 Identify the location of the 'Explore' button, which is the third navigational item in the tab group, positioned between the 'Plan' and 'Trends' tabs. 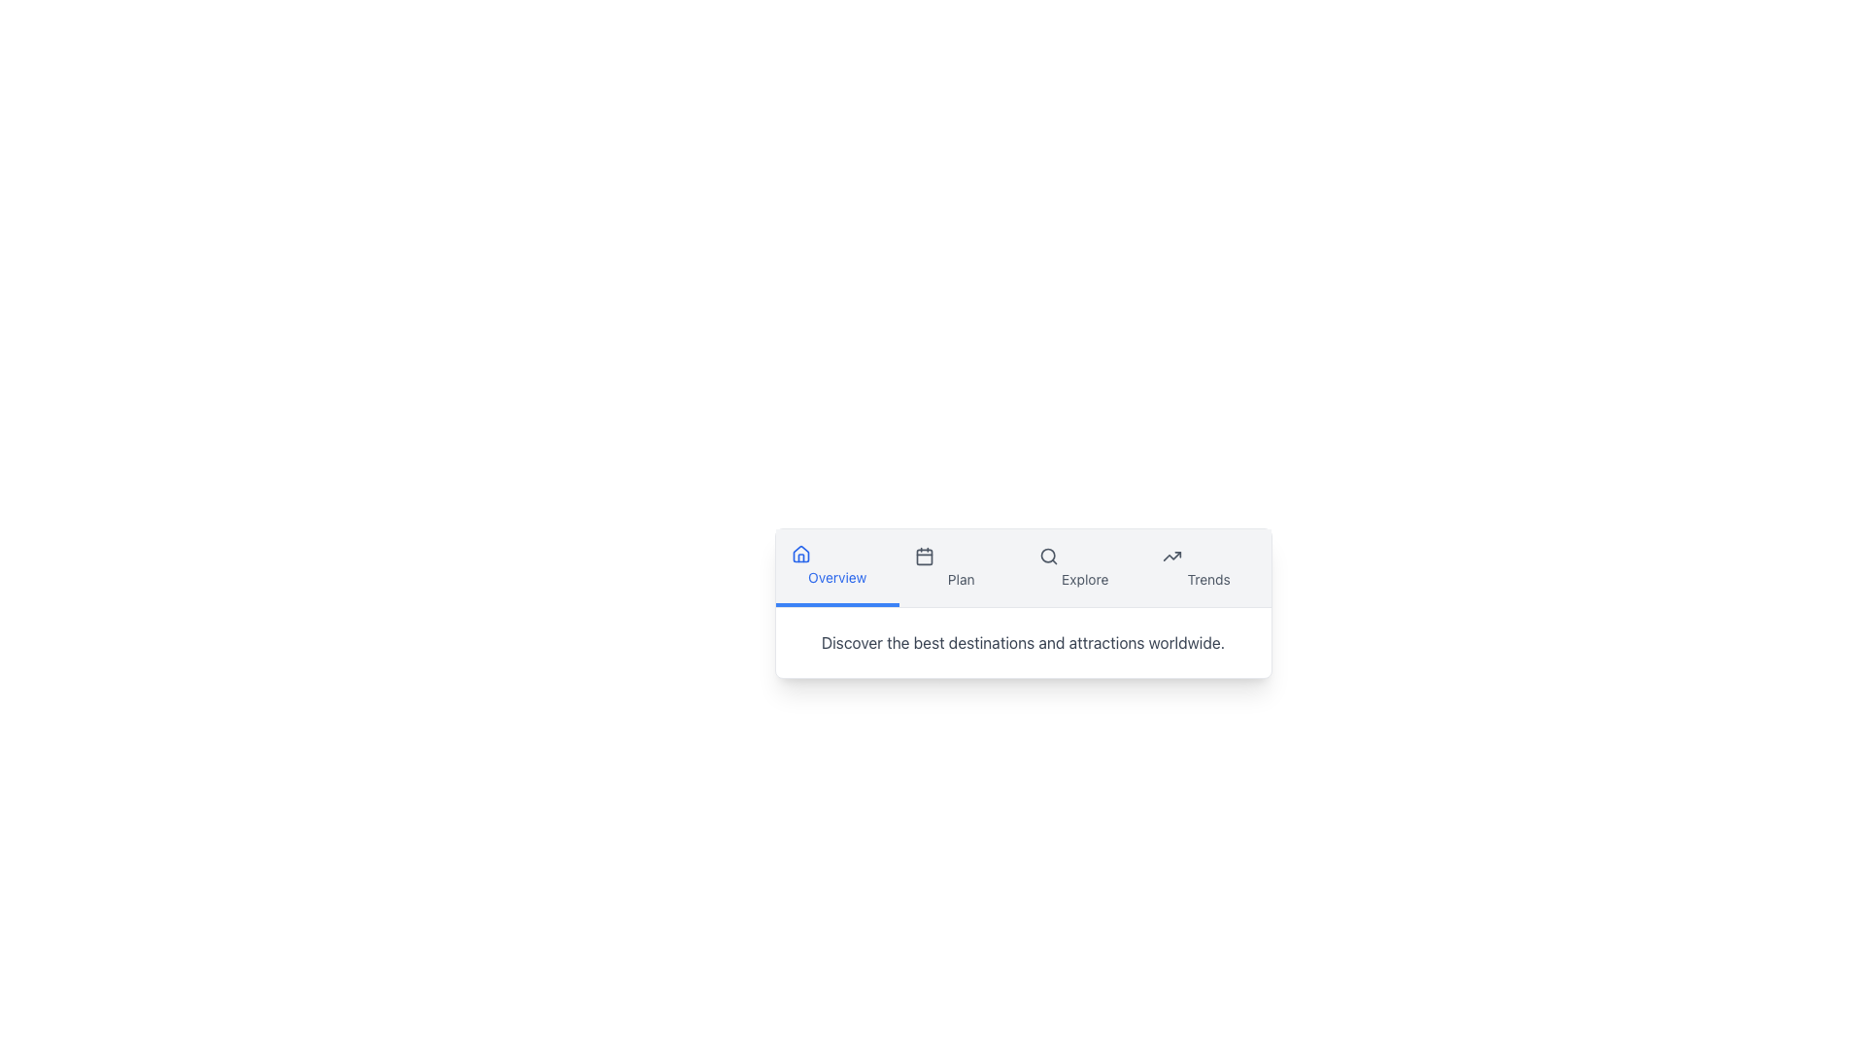
(1084, 568).